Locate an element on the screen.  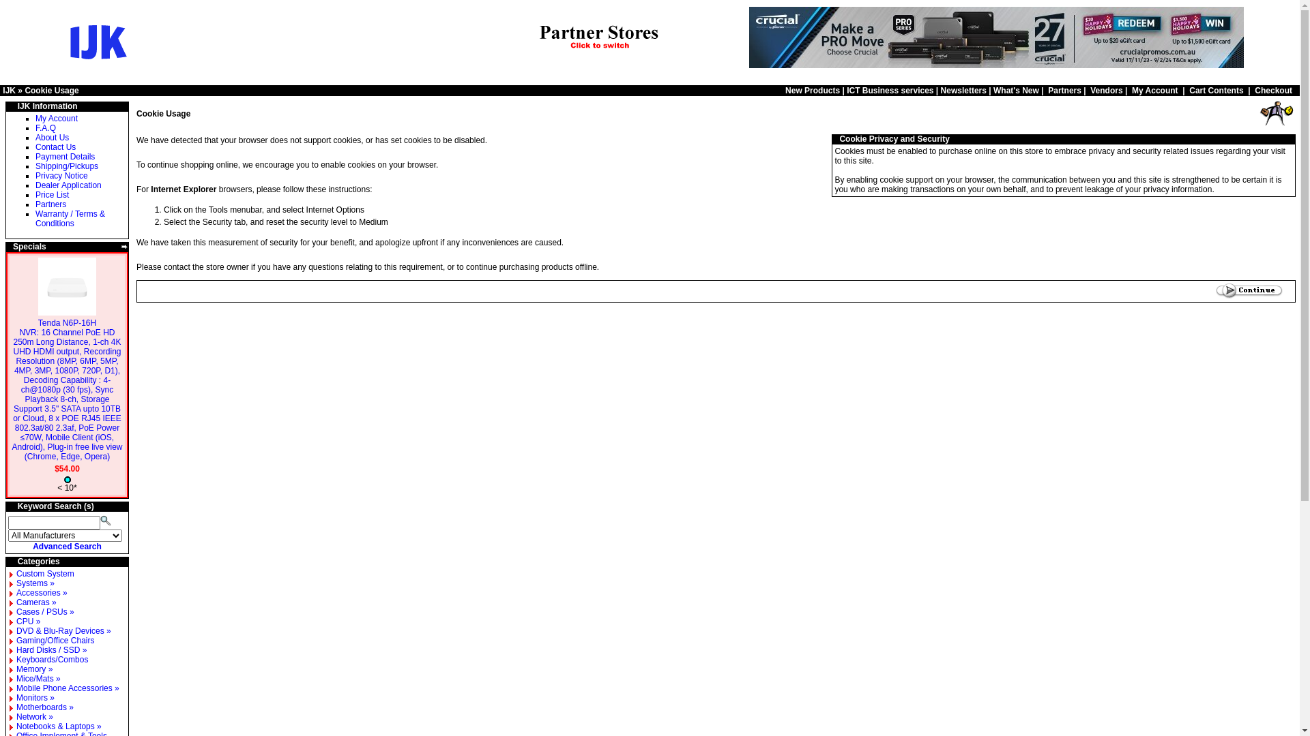
' Continue ' is located at coordinates (1249, 290).